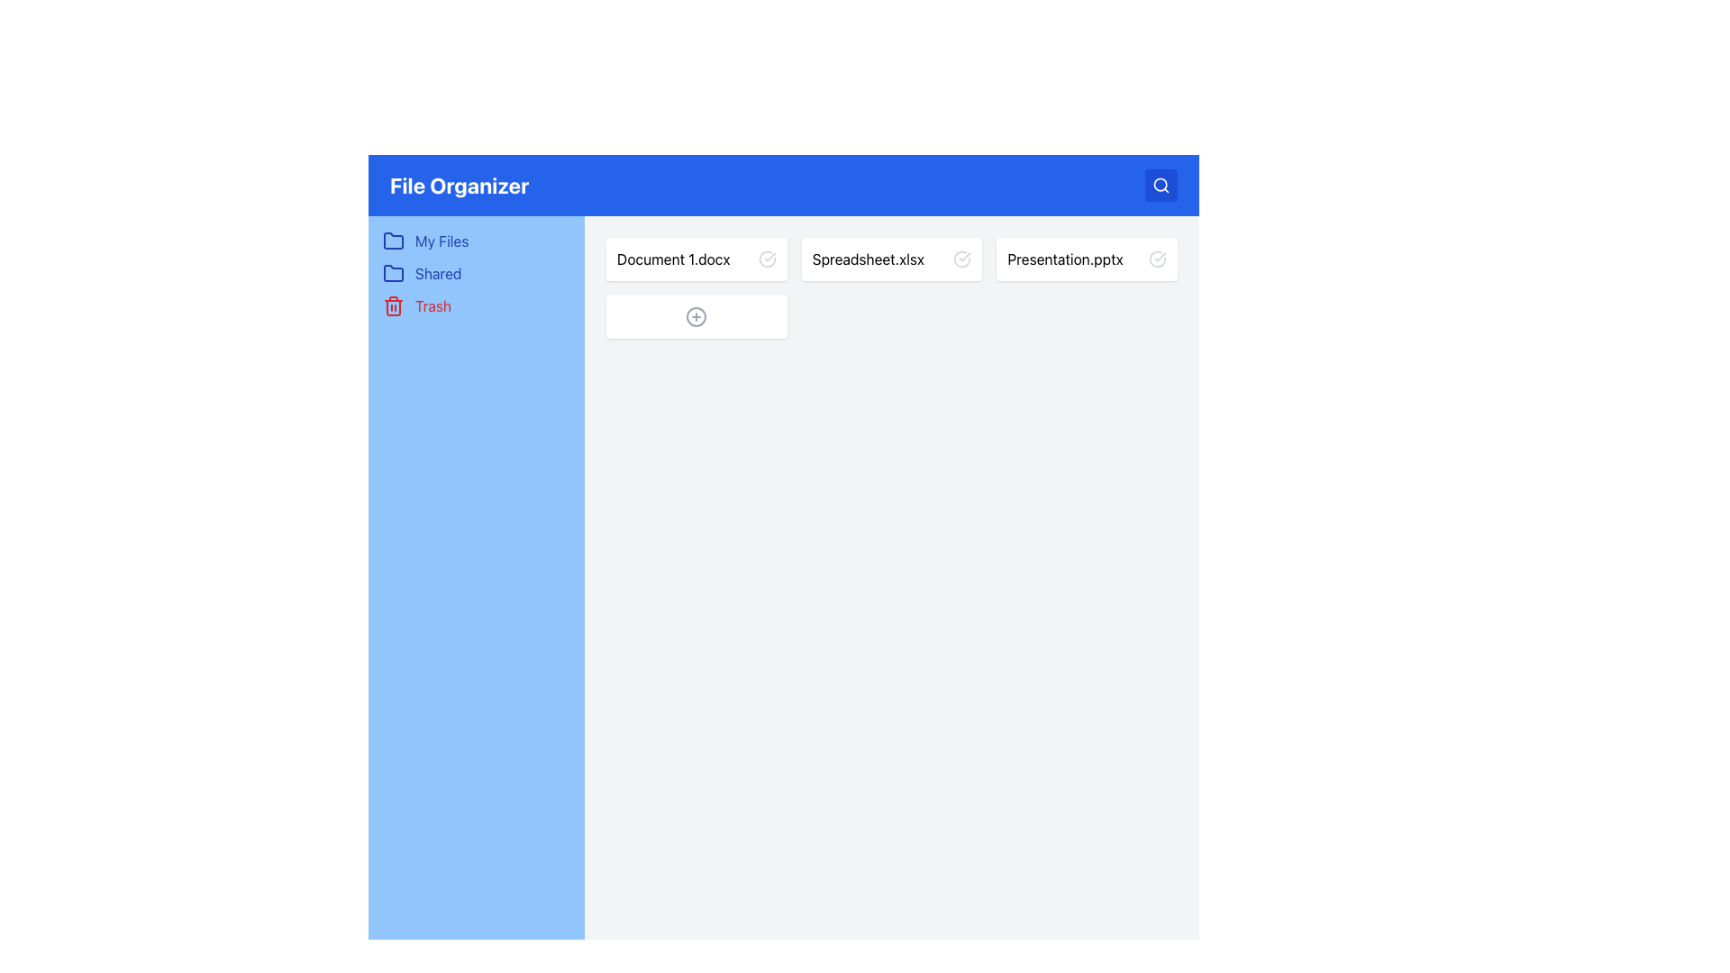 The height and width of the screenshot is (973, 1730). What do you see at coordinates (696, 315) in the screenshot?
I see `the circular button with a '+' icon, which has a white background and rounded edges, located below 'Document 1.docx' in the grid layout` at bounding box center [696, 315].